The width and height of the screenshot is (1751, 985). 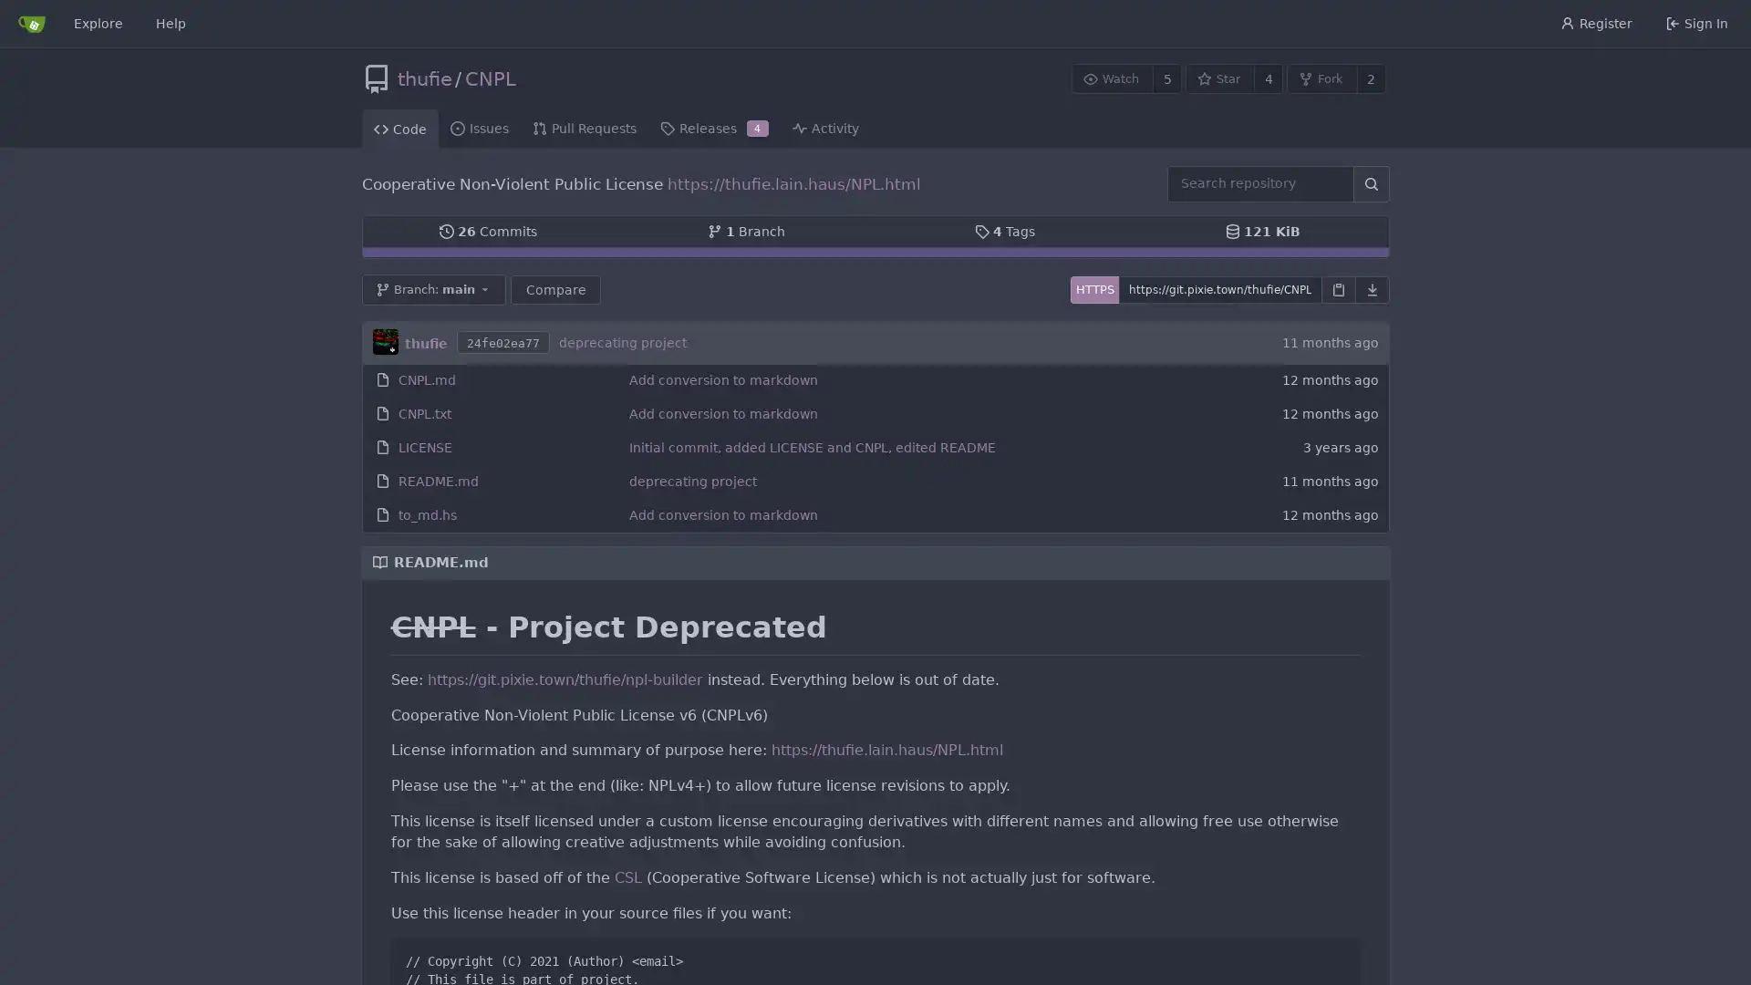 I want to click on HTTPS, so click(x=1093, y=287).